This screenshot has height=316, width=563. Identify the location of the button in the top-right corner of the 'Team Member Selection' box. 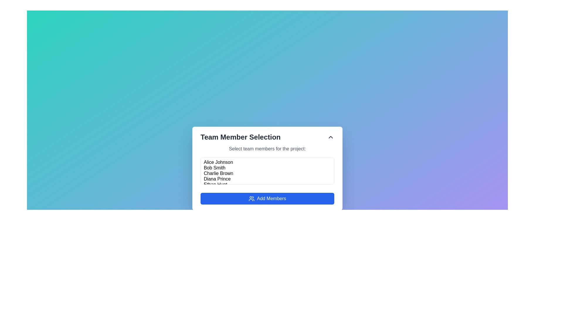
(331, 137).